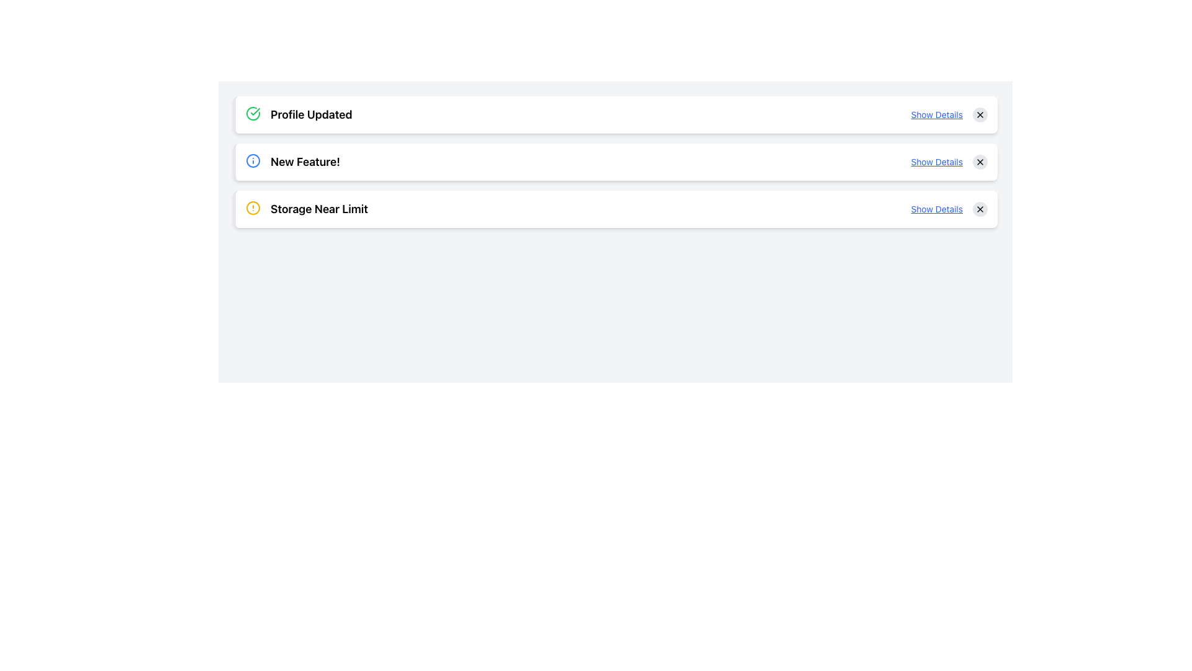  I want to click on text label that alerts the user about storage nearing its limit, positioned to the right of a circular yellow icon with an exclamation mark, so click(319, 208).